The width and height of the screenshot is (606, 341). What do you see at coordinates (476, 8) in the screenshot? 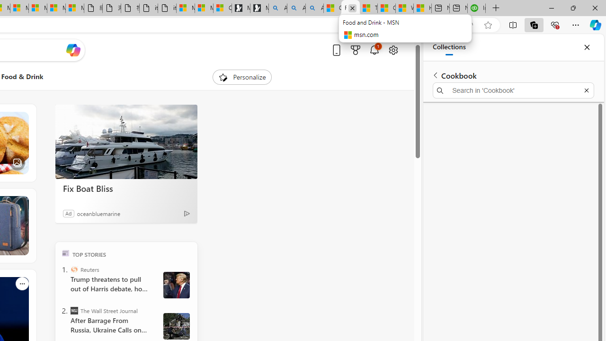
I see `'Intuit QuickBooks Online - Quickbooks'` at bounding box center [476, 8].